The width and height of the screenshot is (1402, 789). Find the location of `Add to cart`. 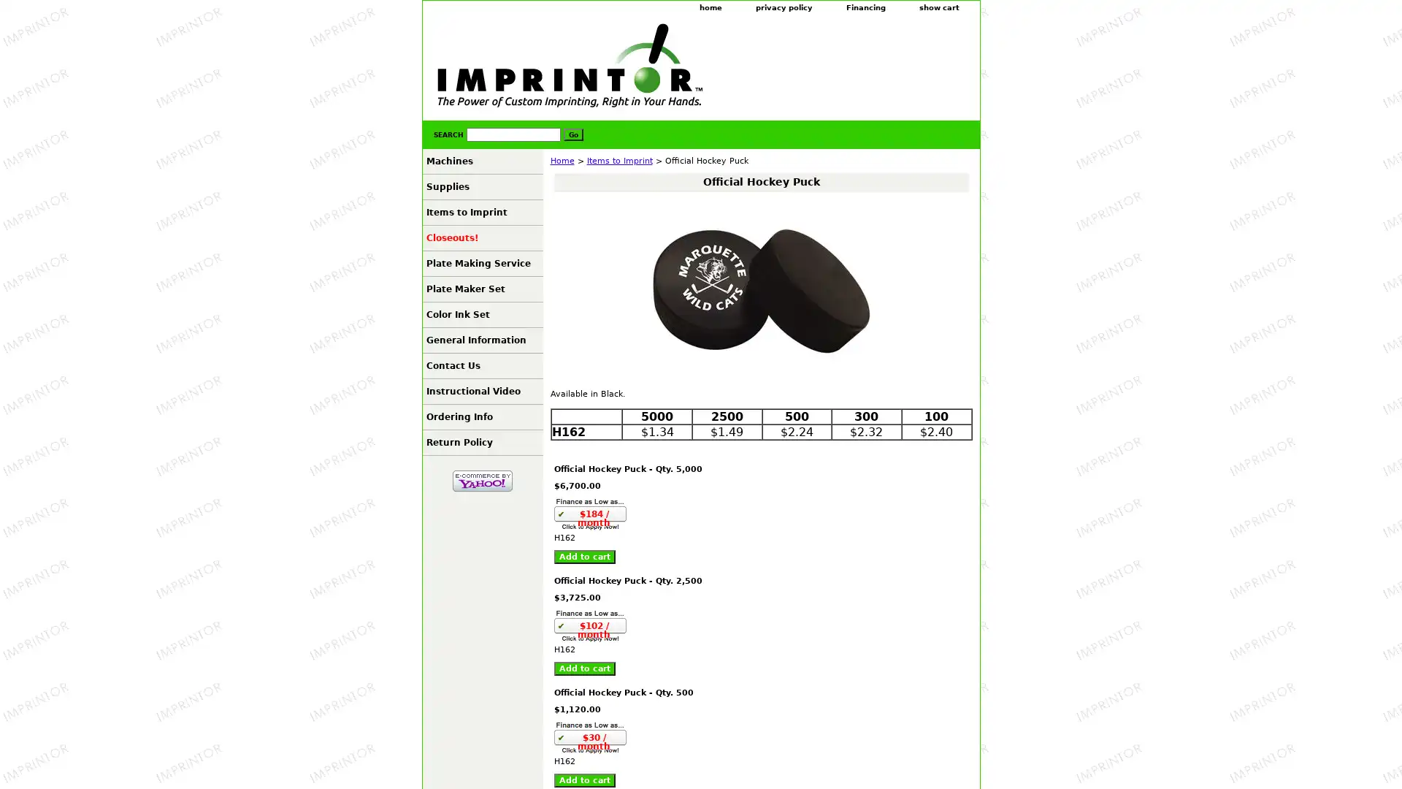

Add to cart is located at coordinates (584, 780).